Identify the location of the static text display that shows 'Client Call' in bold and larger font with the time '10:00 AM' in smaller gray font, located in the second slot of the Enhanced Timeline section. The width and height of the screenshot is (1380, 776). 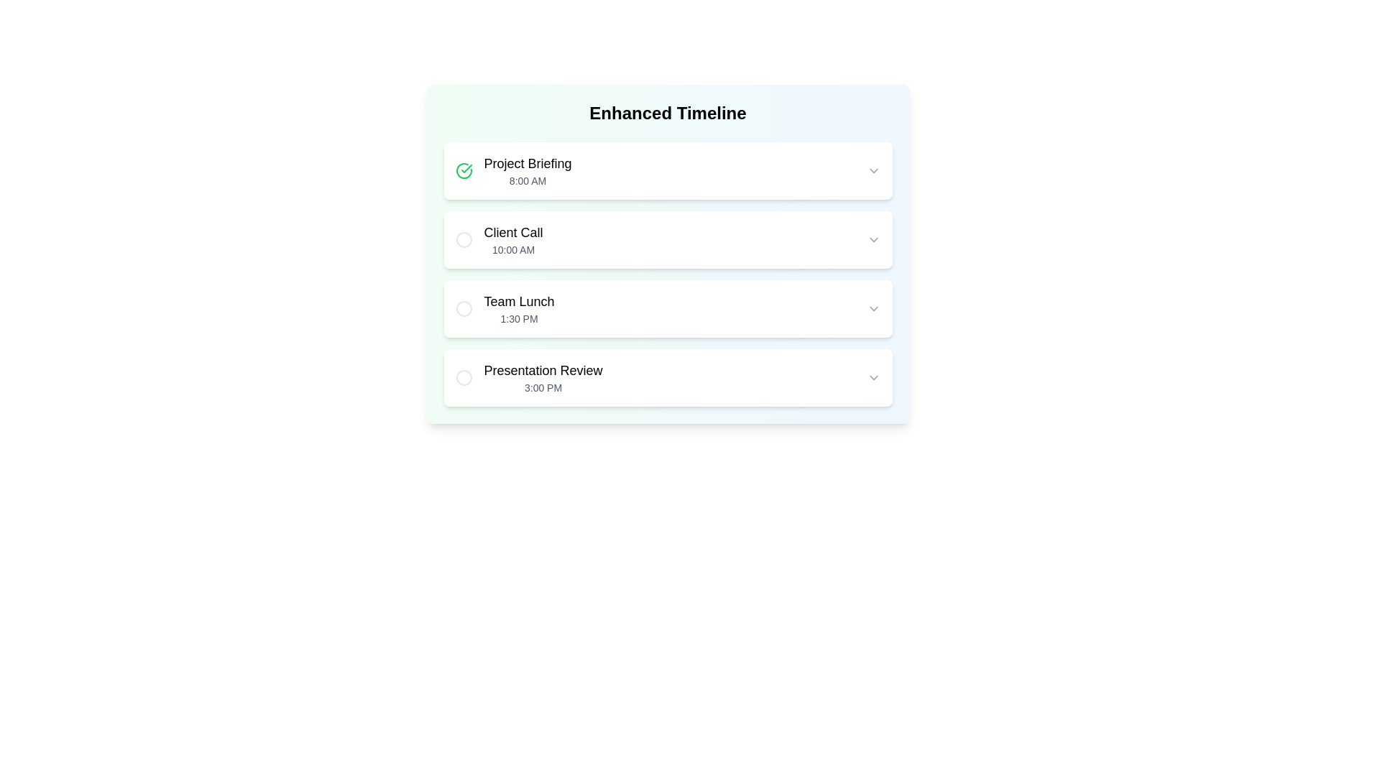
(513, 239).